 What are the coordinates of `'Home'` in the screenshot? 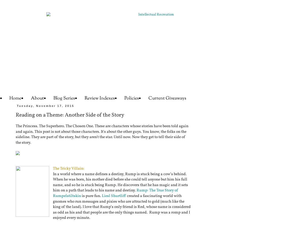 It's located at (9, 98).